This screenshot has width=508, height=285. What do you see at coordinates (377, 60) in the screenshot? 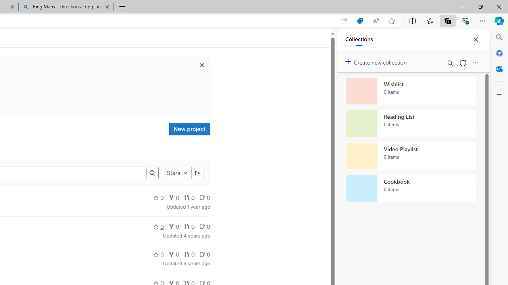
I see `'Create new collection'` at bounding box center [377, 60].